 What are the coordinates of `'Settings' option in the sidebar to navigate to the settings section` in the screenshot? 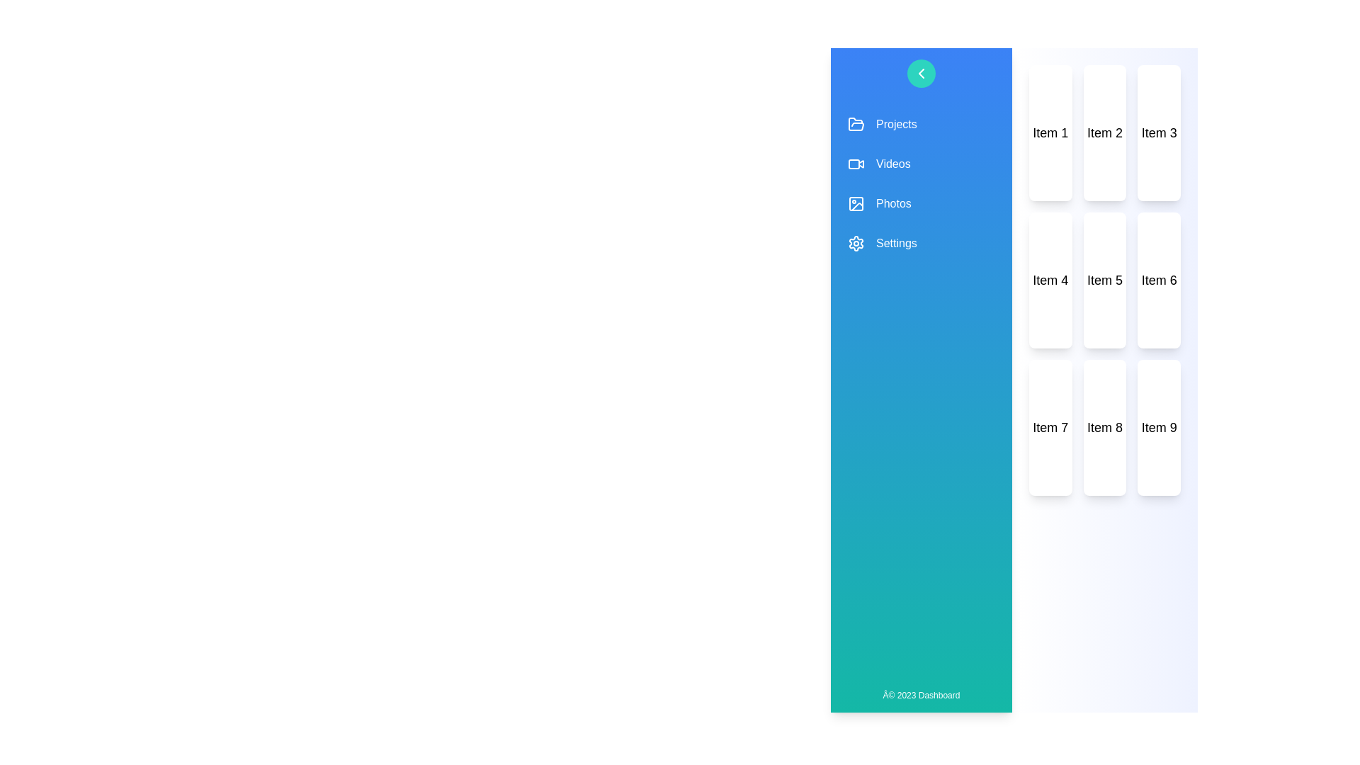 It's located at (921, 242).